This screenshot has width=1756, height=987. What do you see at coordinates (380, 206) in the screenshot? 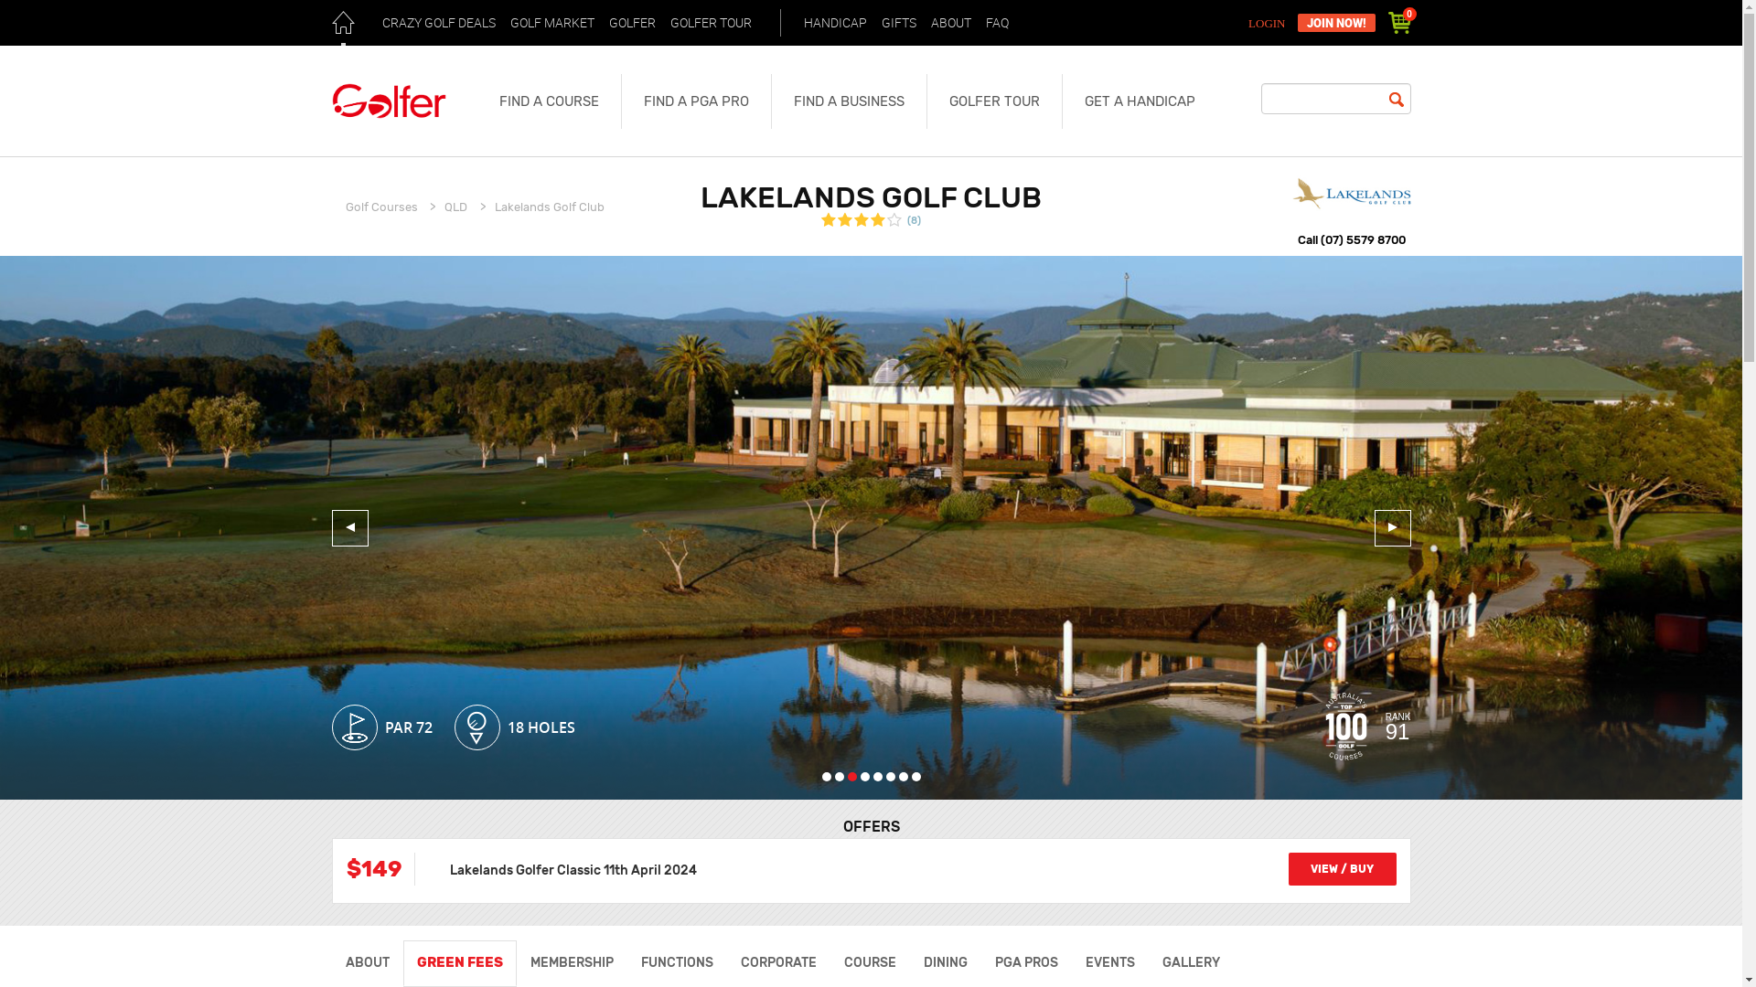
I see `'Golf Courses'` at bounding box center [380, 206].